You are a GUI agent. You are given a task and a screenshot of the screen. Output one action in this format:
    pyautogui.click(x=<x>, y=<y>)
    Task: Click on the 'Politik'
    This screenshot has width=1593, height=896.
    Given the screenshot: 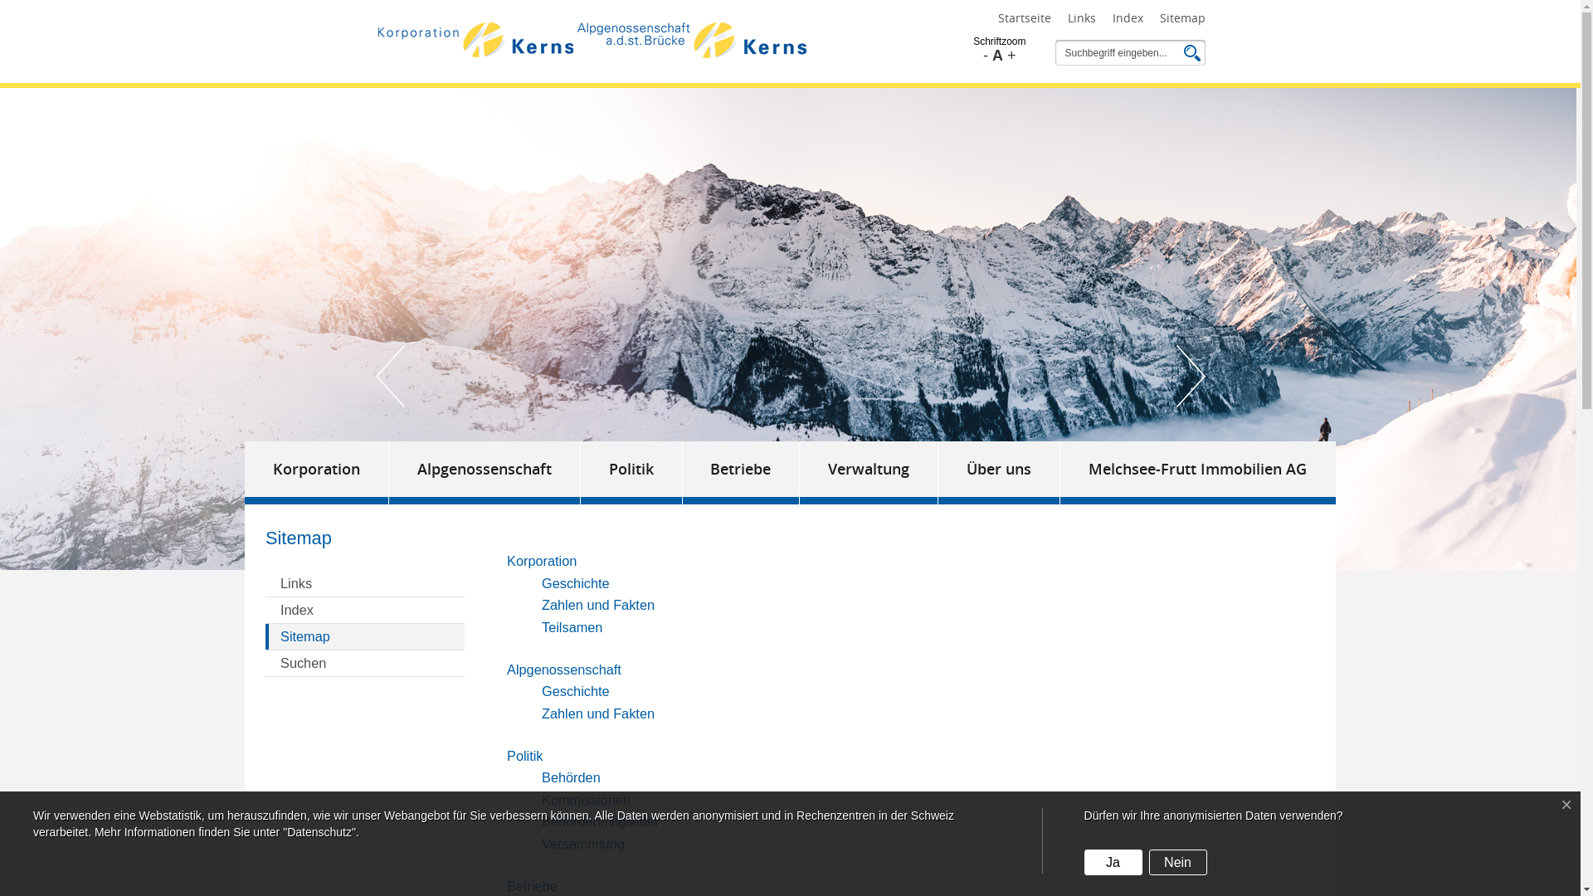 What is the action you would take?
    pyautogui.click(x=524, y=755)
    